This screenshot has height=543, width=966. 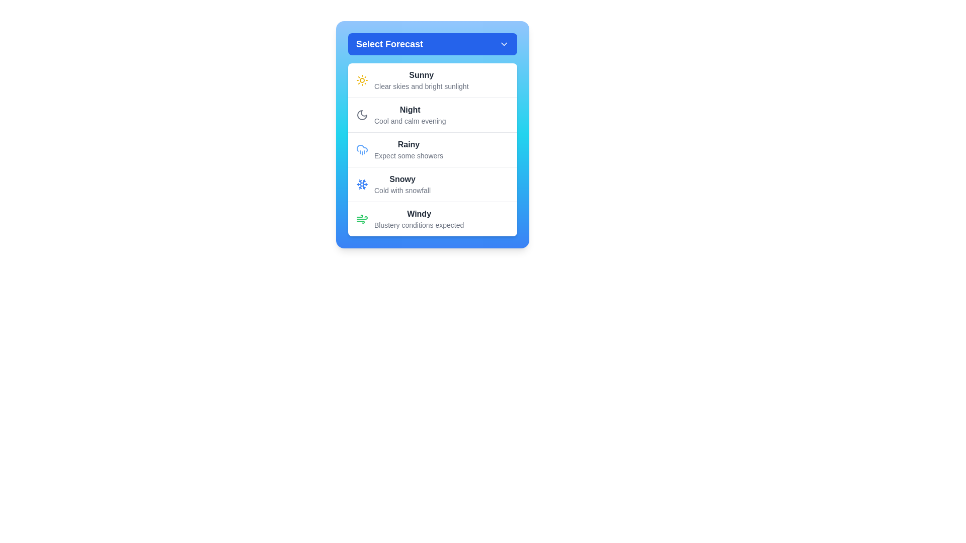 I want to click on the fifth item, so click(x=432, y=218).